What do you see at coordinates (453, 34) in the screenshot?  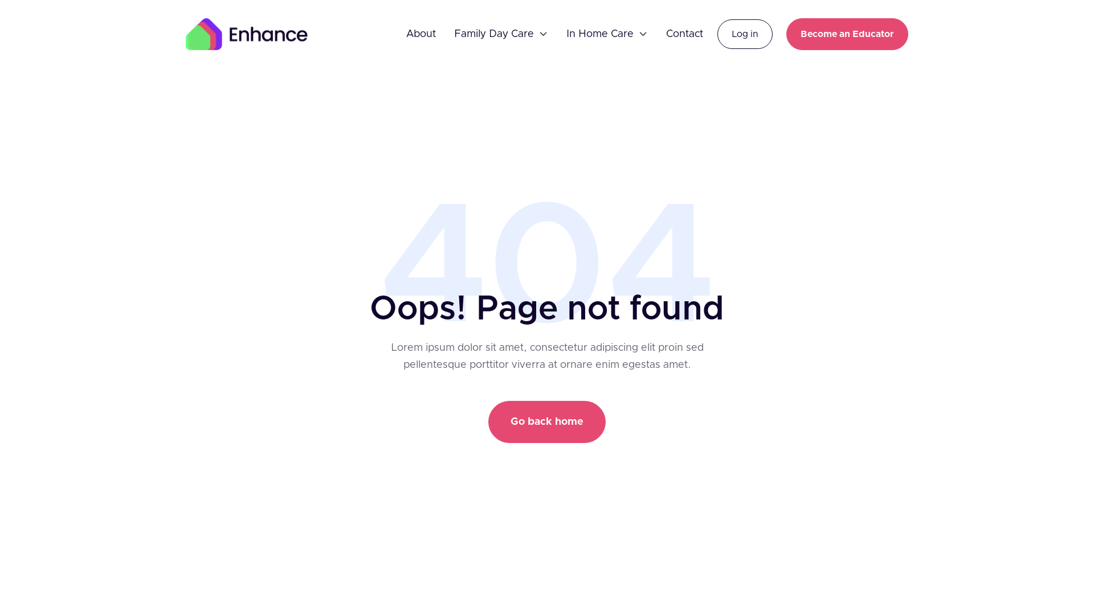 I see `'Family Day Care'` at bounding box center [453, 34].